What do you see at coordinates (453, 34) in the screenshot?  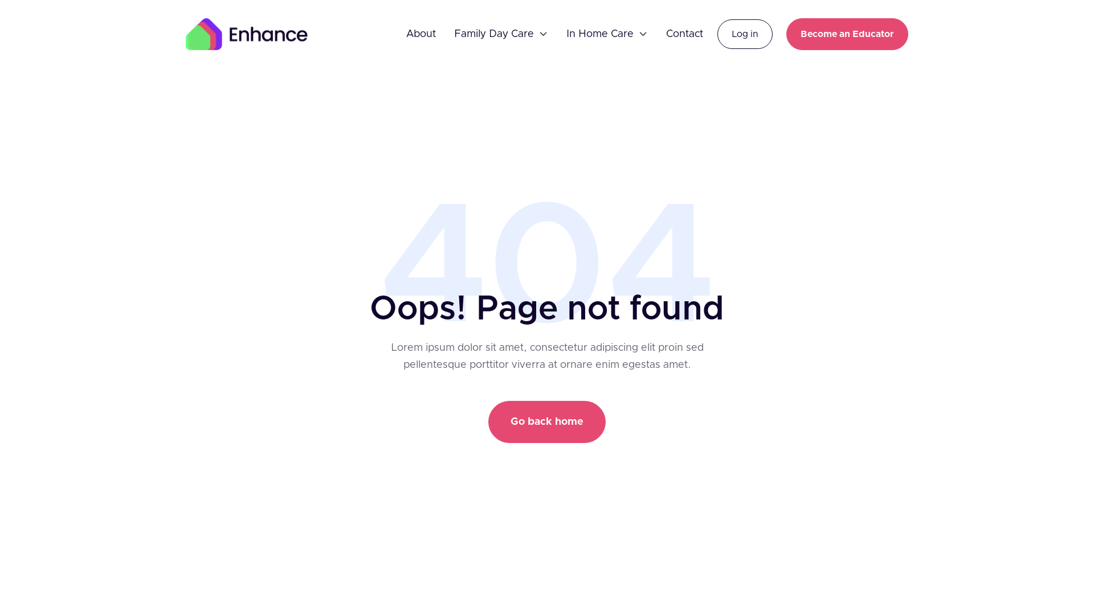 I see `'Family Day Care'` at bounding box center [453, 34].